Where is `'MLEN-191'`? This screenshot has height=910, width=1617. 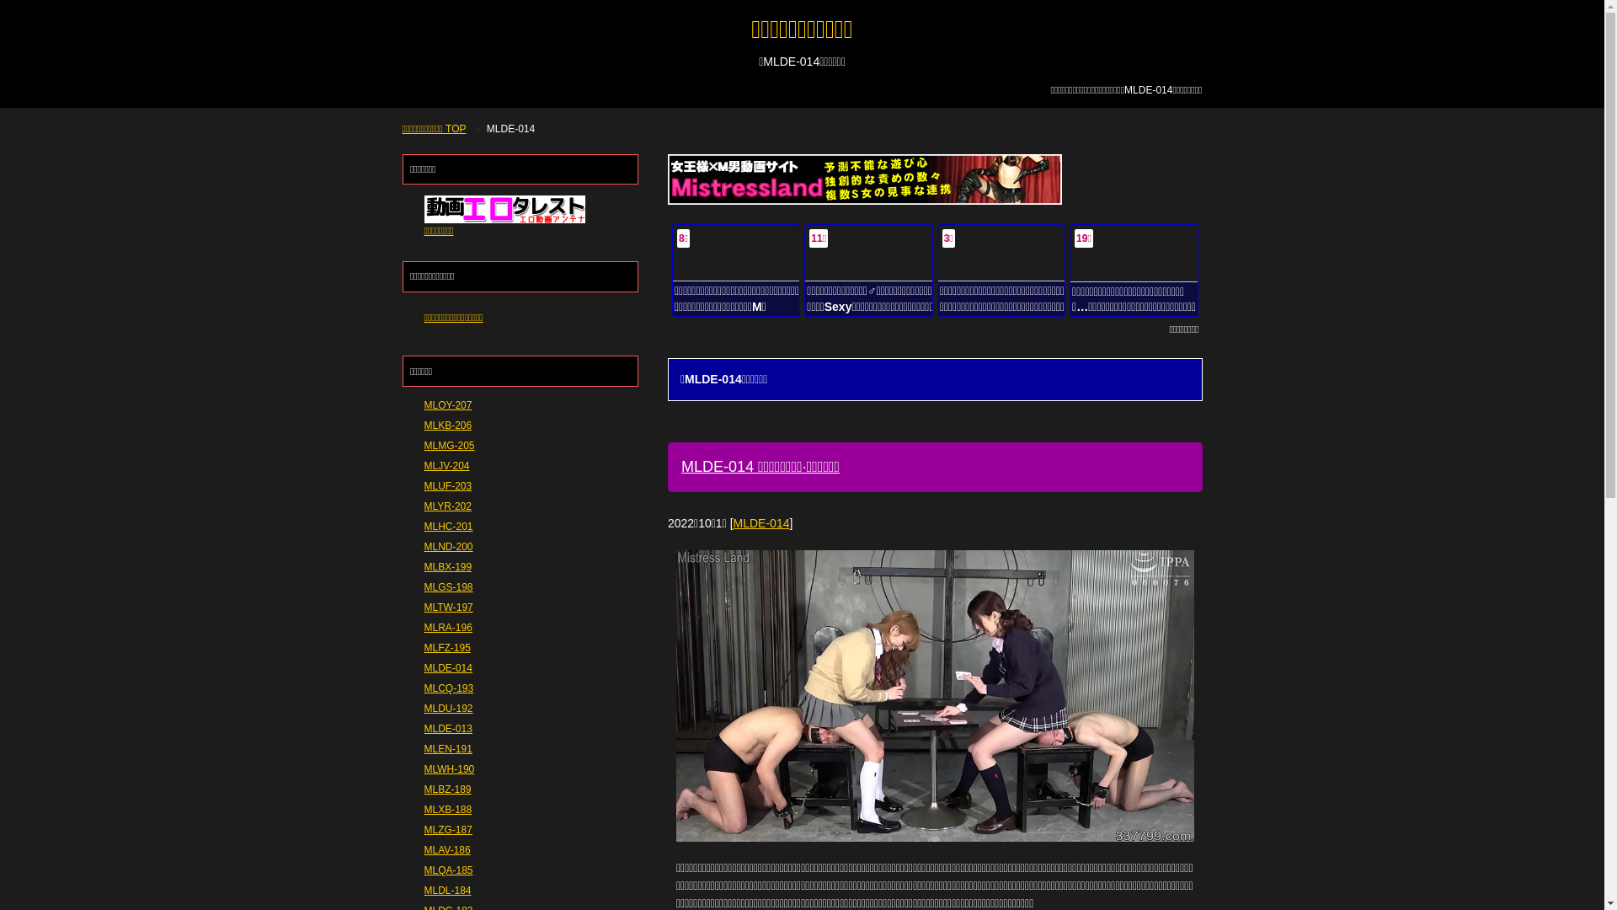 'MLEN-191' is located at coordinates (448, 747).